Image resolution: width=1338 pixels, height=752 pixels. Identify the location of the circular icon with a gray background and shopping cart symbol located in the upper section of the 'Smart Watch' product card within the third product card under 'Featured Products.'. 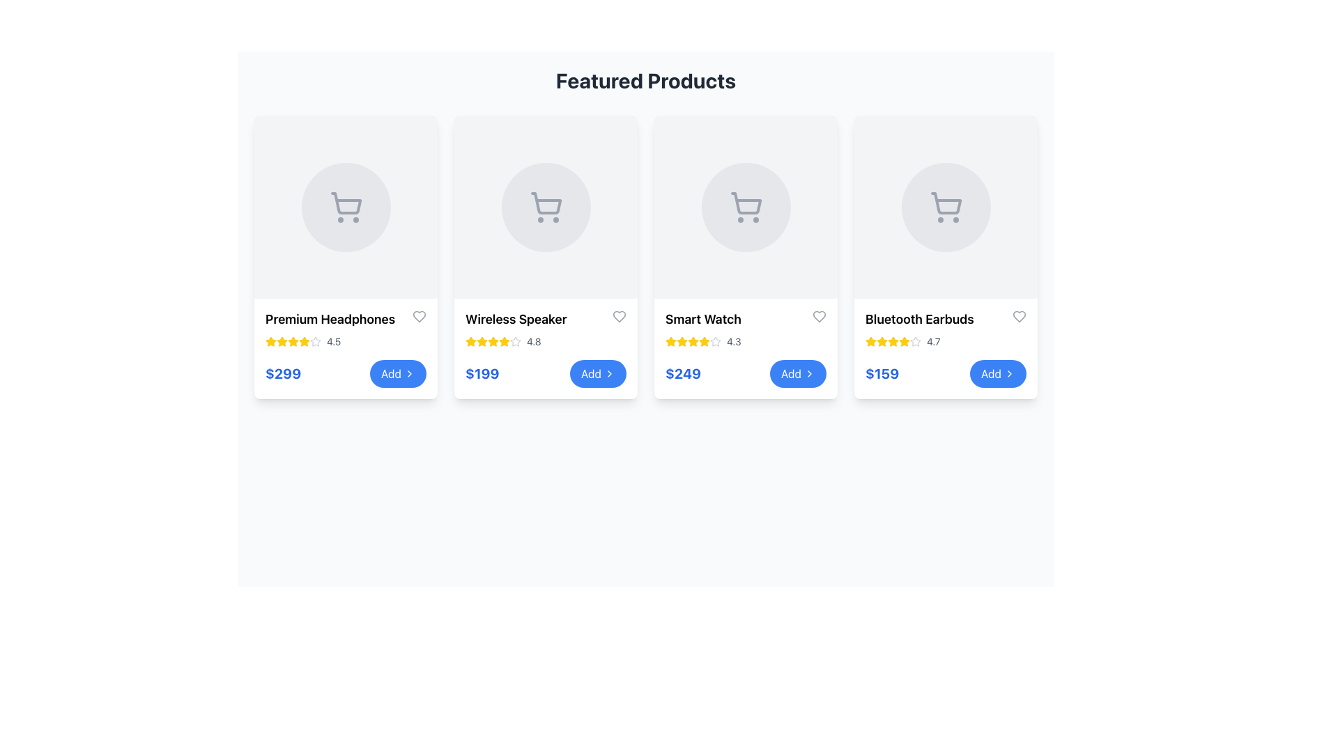
(745, 207).